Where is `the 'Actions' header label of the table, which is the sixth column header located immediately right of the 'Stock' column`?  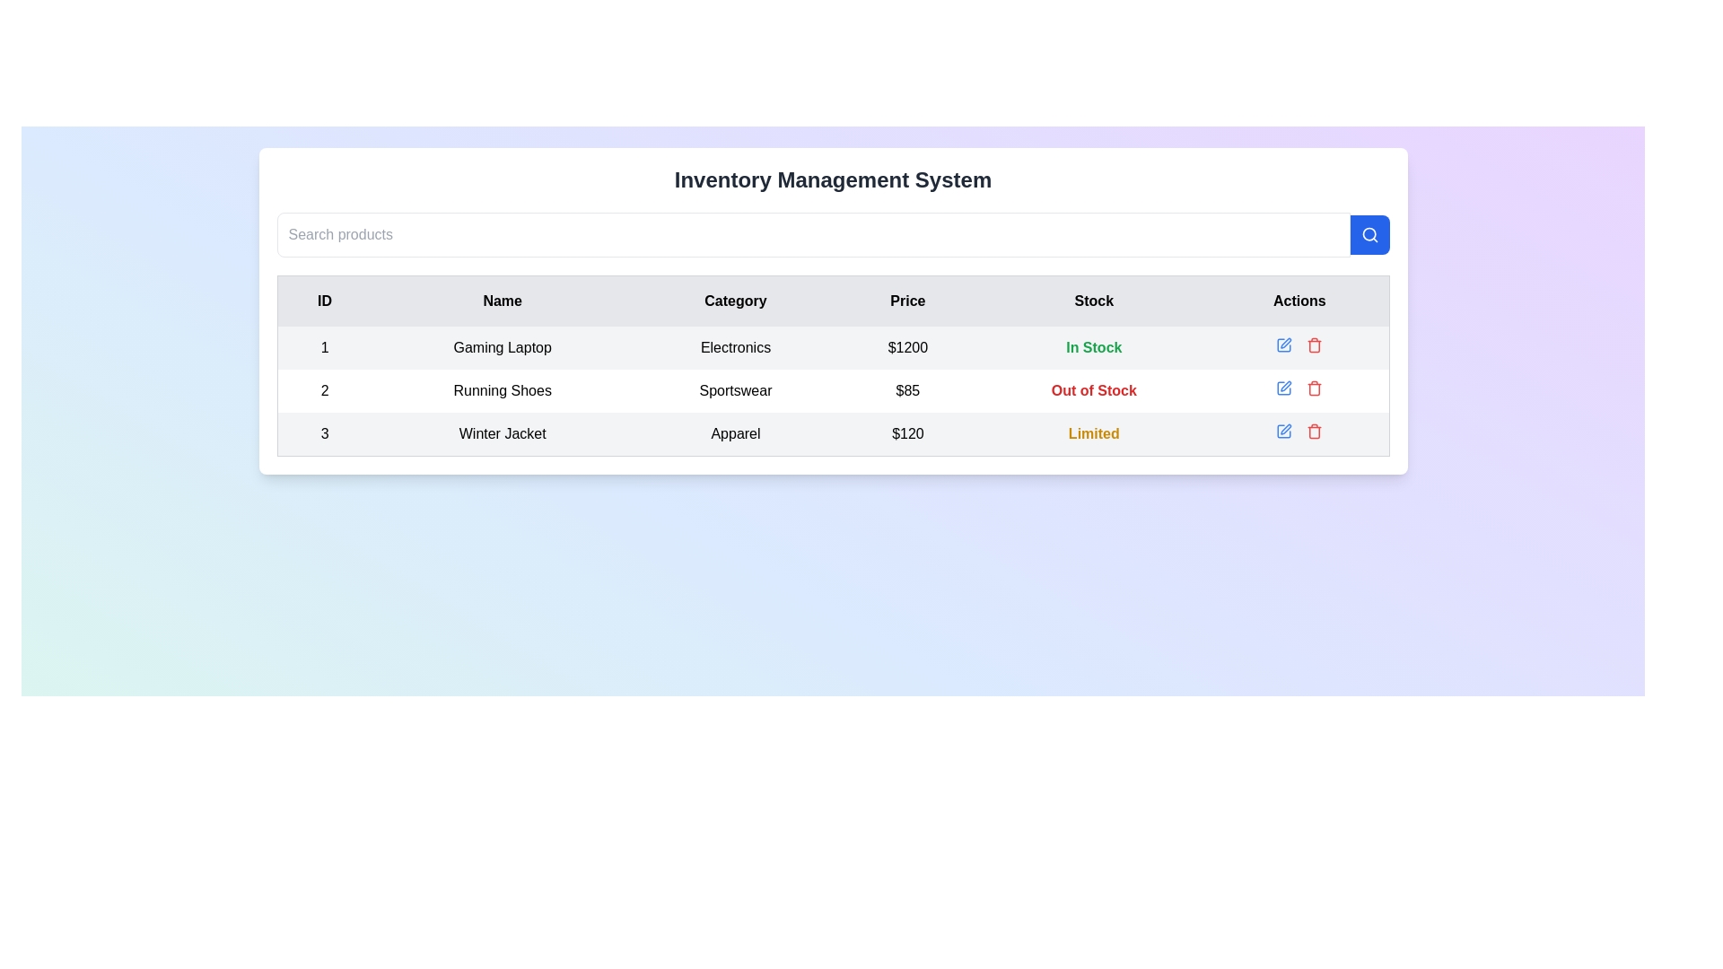 the 'Actions' header label of the table, which is the sixth column header located immediately right of the 'Stock' column is located at coordinates (1299, 300).